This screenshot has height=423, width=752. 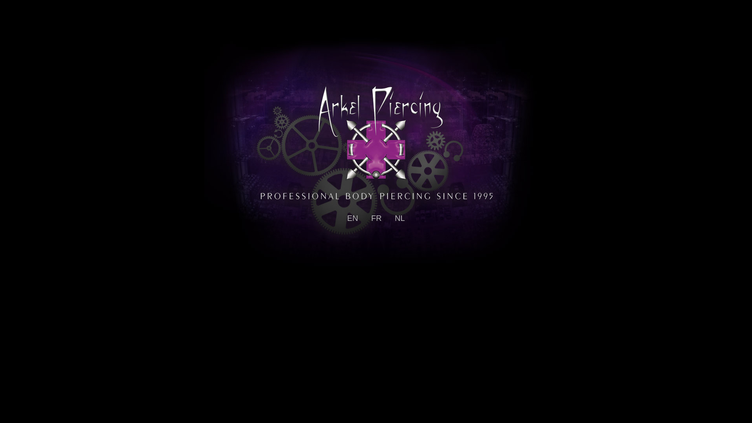 What do you see at coordinates (400, 218) in the screenshot?
I see `'NL'` at bounding box center [400, 218].